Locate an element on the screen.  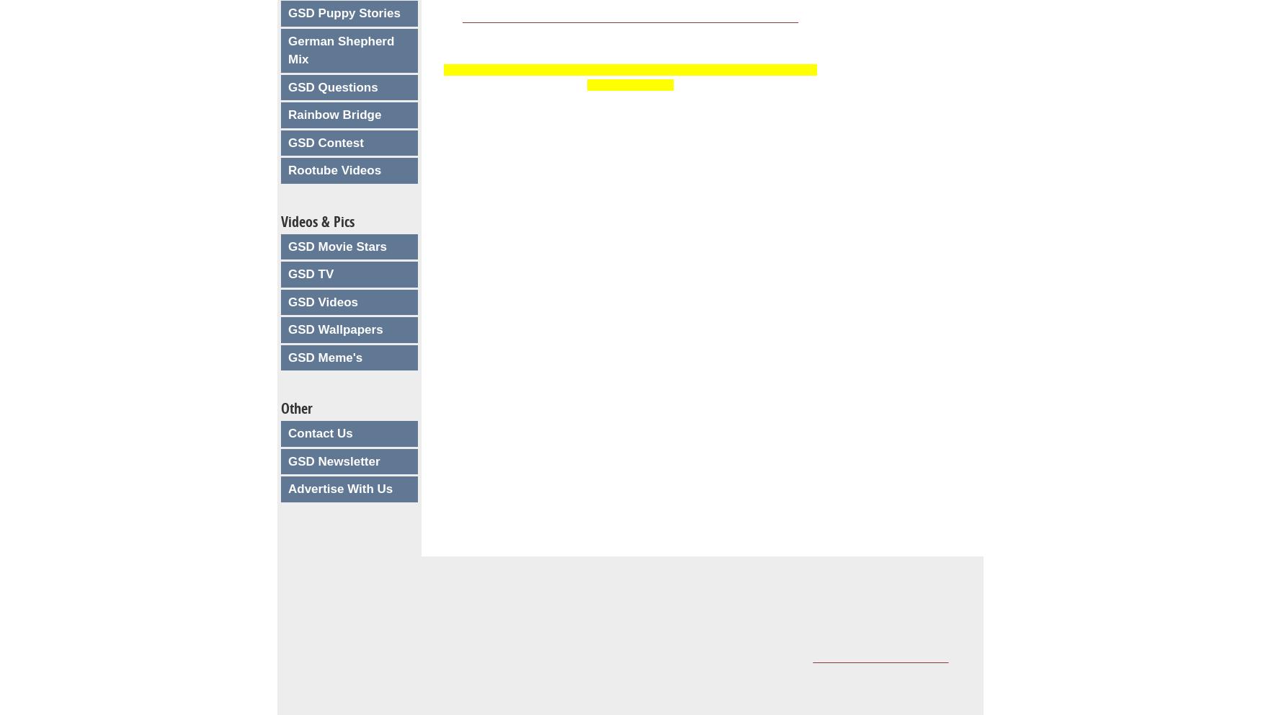
'Rootube Videos' is located at coordinates (288, 170).